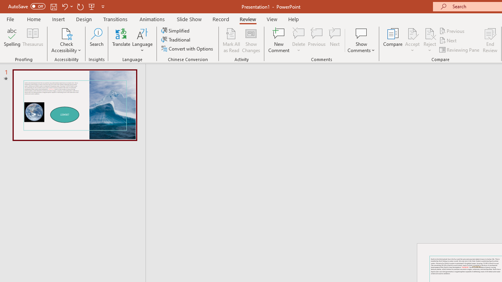 This screenshot has width=502, height=282. What do you see at coordinates (393, 40) in the screenshot?
I see `'Compare'` at bounding box center [393, 40].